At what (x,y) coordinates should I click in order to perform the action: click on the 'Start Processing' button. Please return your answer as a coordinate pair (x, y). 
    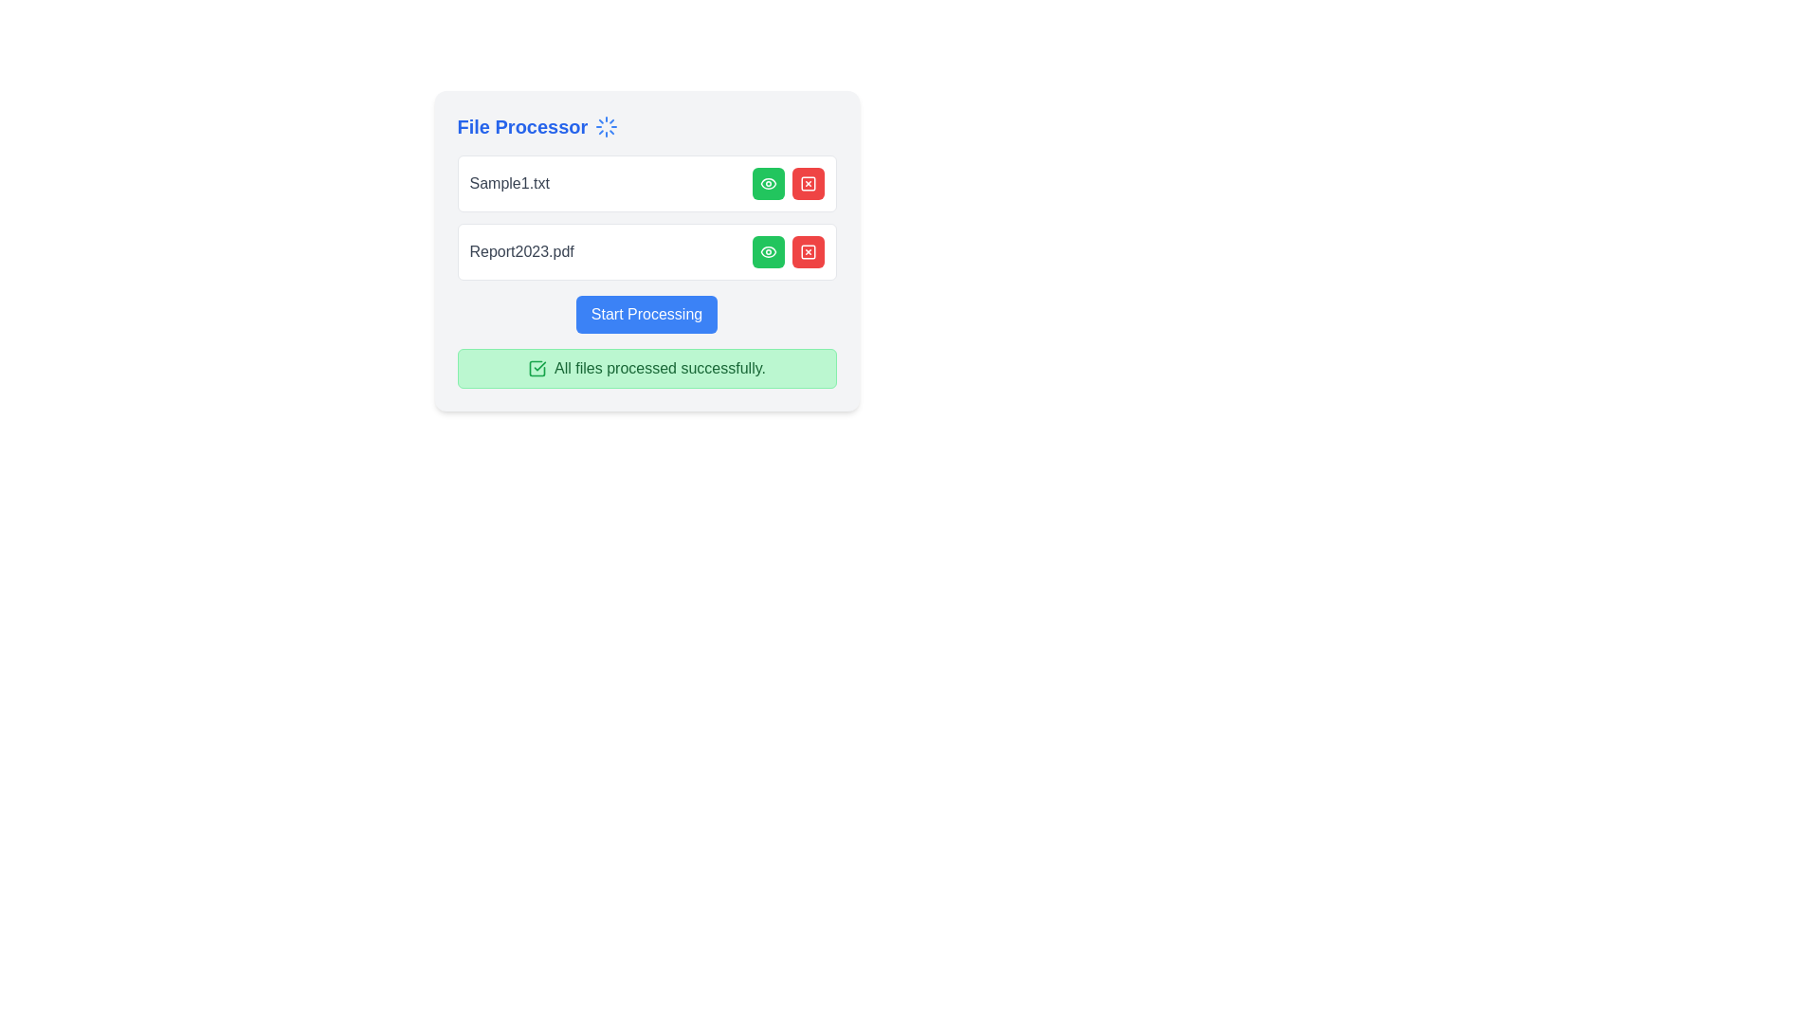
    Looking at the image, I should click on (646, 313).